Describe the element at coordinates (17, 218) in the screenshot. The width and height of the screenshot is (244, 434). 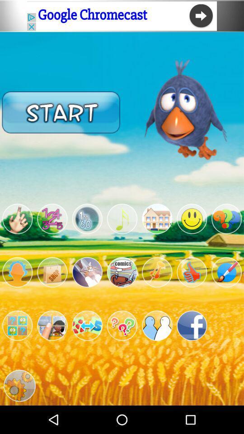
I see `filter` at that location.